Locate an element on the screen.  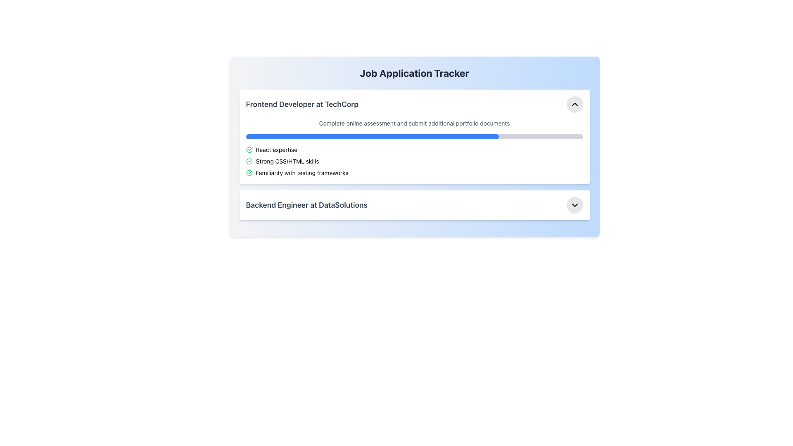
the circular button with a light gray background and a downward-pointing chevron icon, located at the far right of the line containing 'Backend Engineer at DataSolutions' is located at coordinates (574, 205).